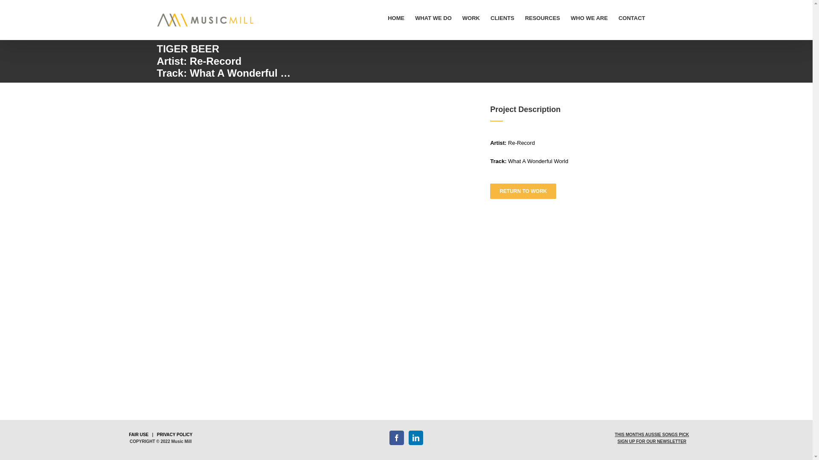  Describe the element at coordinates (632, 18) in the screenshot. I see `'CONTACT'` at that location.